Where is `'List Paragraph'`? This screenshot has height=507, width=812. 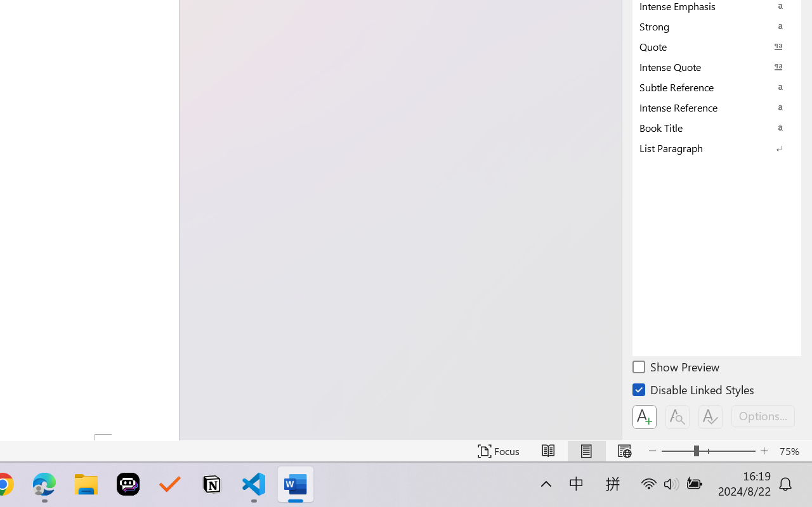 'List Paragraph' is located at coordinates (717, 148).